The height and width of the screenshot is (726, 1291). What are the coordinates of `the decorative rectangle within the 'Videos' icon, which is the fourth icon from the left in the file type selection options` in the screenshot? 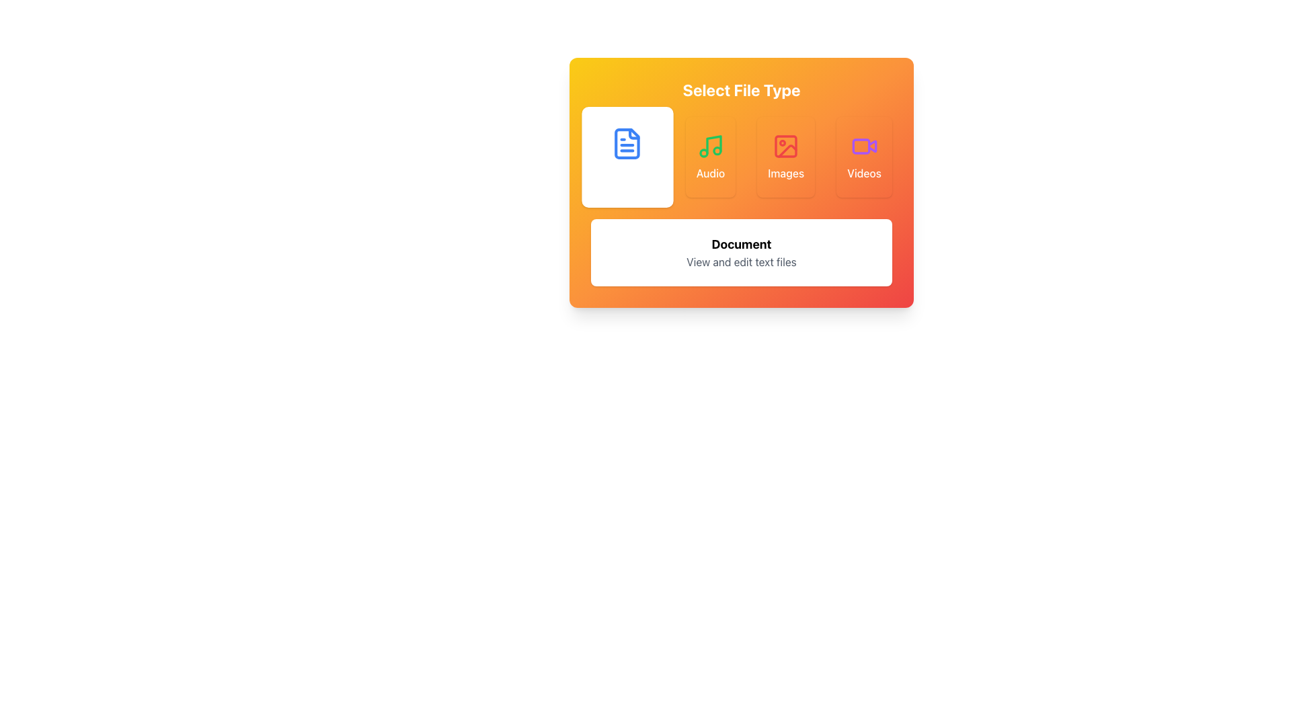 It's located at (861, 147).